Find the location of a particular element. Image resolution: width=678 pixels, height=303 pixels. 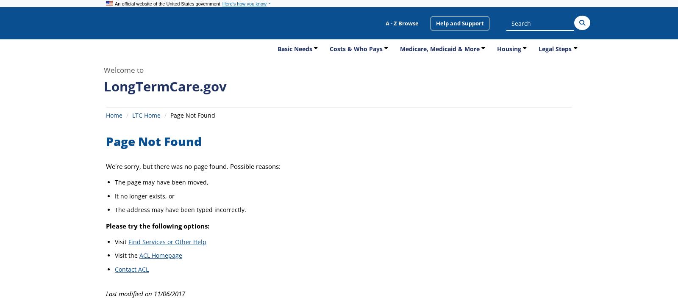

'Home' is located at coordinates (114, 115).